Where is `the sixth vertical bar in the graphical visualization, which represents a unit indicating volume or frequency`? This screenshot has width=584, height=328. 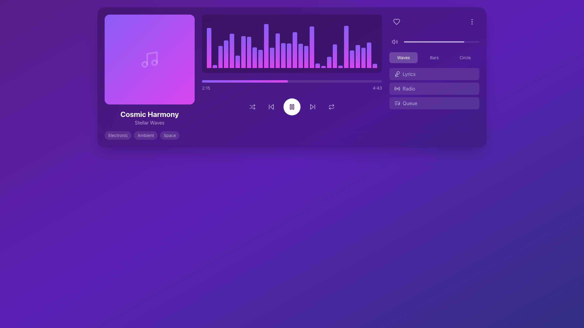
the sixth vertical bar in the graphical visualization, which represents a unit indicating volume or frequency is located at coordinates (237, 62).